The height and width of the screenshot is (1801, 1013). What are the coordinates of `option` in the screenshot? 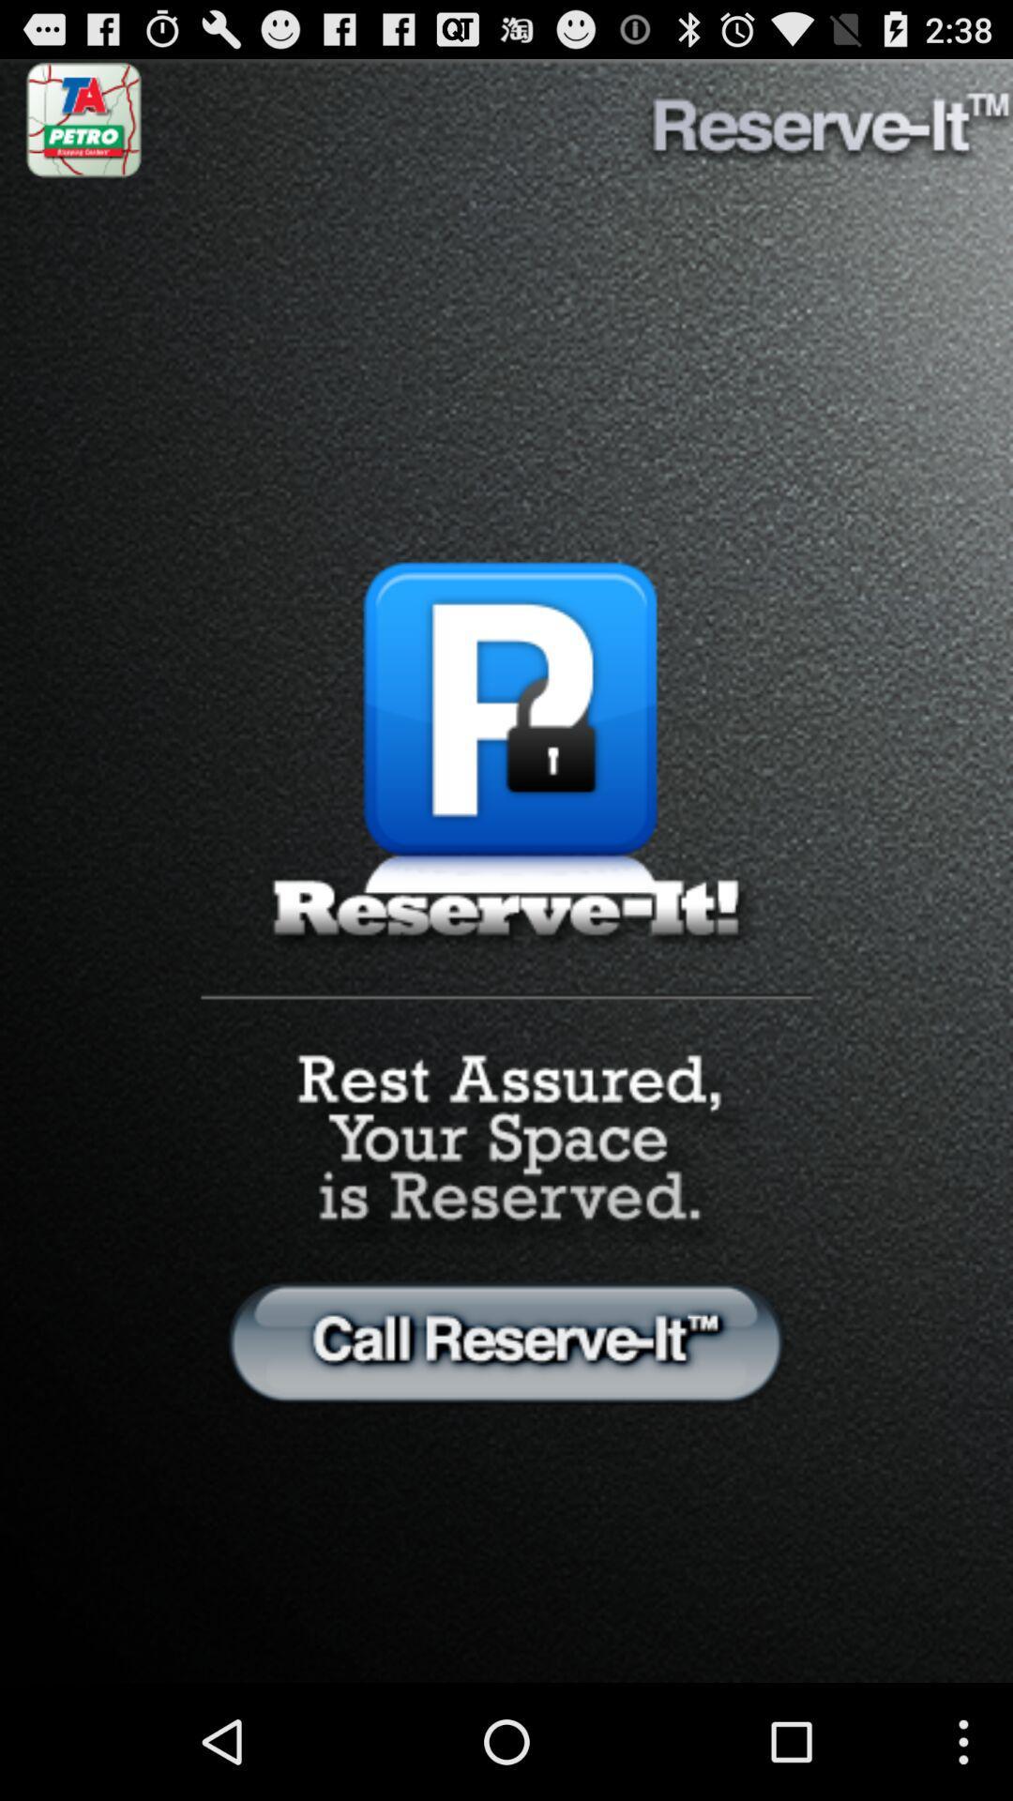 It's located at (506, 1340).